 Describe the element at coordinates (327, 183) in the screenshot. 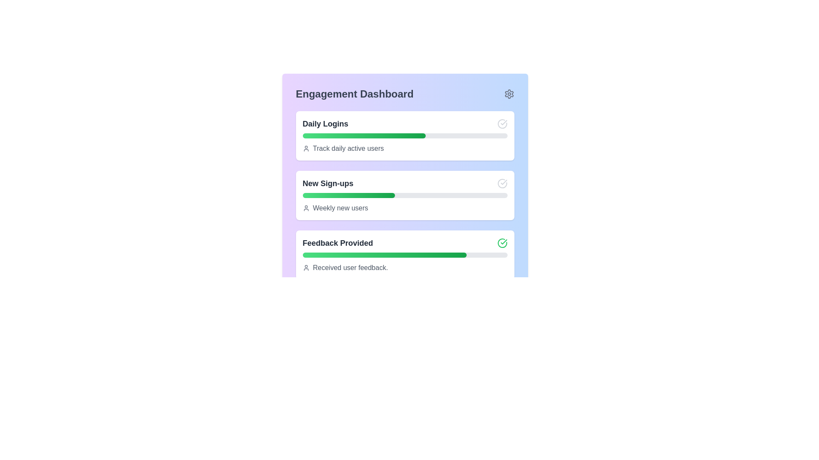

I see `the title label of the card section related to new sign-ups, located in the 'Engagement Dashboard' between 'Daily Logins' and 'Feedback Provided'` at that location.